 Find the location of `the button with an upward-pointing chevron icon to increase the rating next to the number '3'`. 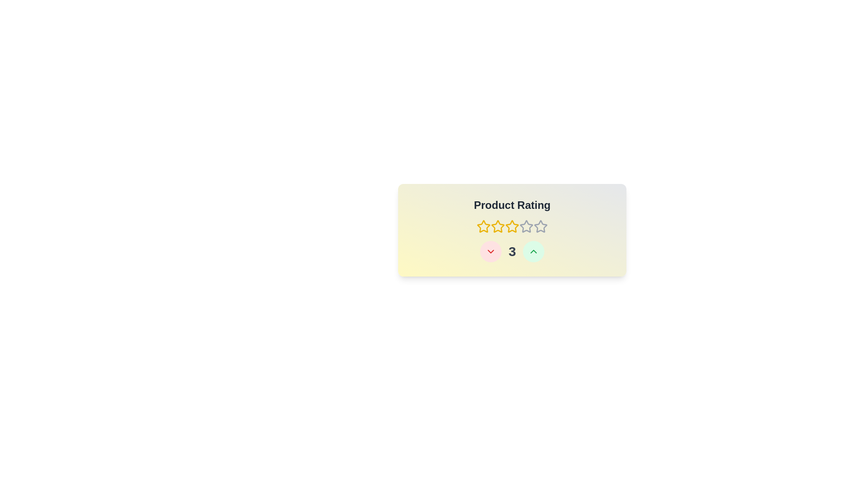

the button with an upward-pointing chevron icon to increase the rating next to the number '3' is located at coordinates (534, 251).